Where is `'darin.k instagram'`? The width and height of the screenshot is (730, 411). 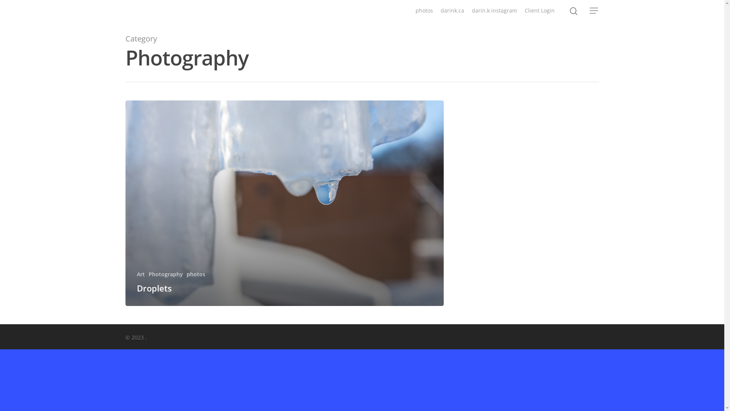
'darin.k instagram' is located at coordinates (494, 10).